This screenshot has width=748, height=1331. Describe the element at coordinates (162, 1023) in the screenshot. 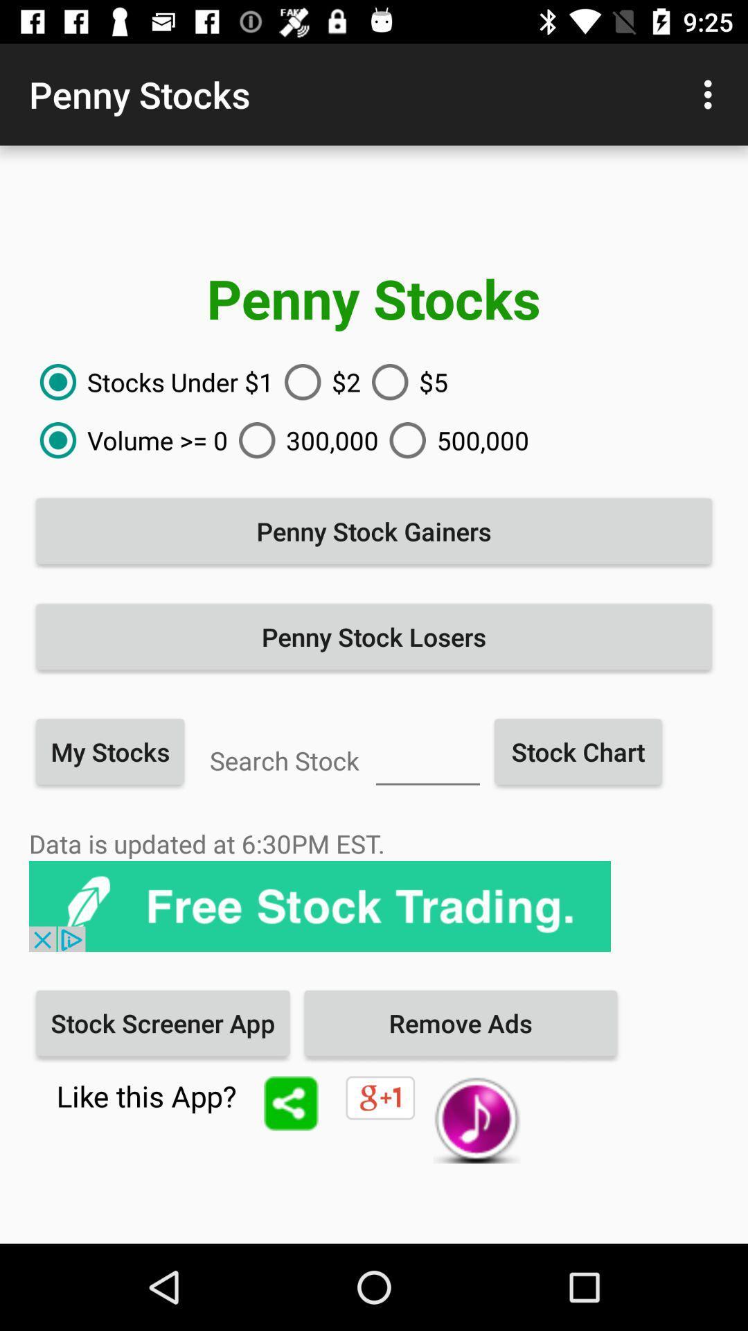

I see `icon above like this app?` at that location.